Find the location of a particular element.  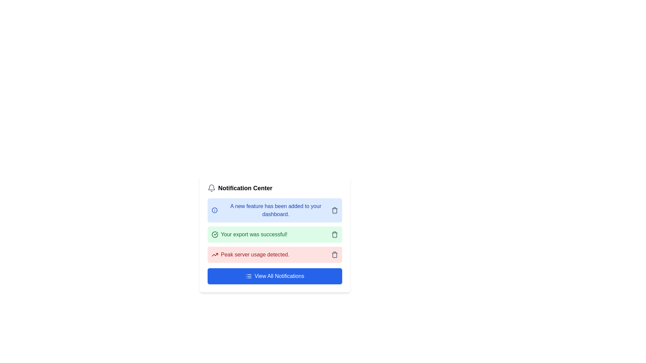

the trash bin icon button located in the top-right corner of the second notification card with a green background and a success message, to observe any hover effects is located at coordinates (334, 234).